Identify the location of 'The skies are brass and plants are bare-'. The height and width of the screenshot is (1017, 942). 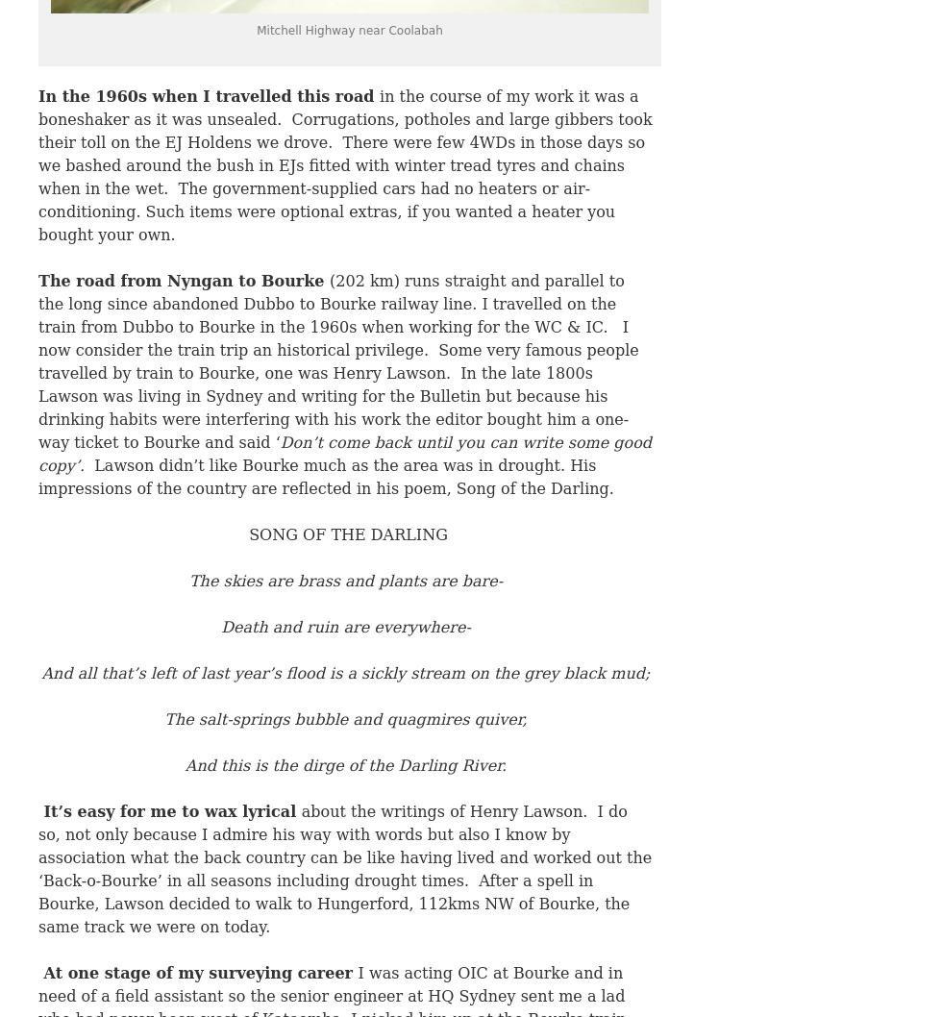
(345, 581).